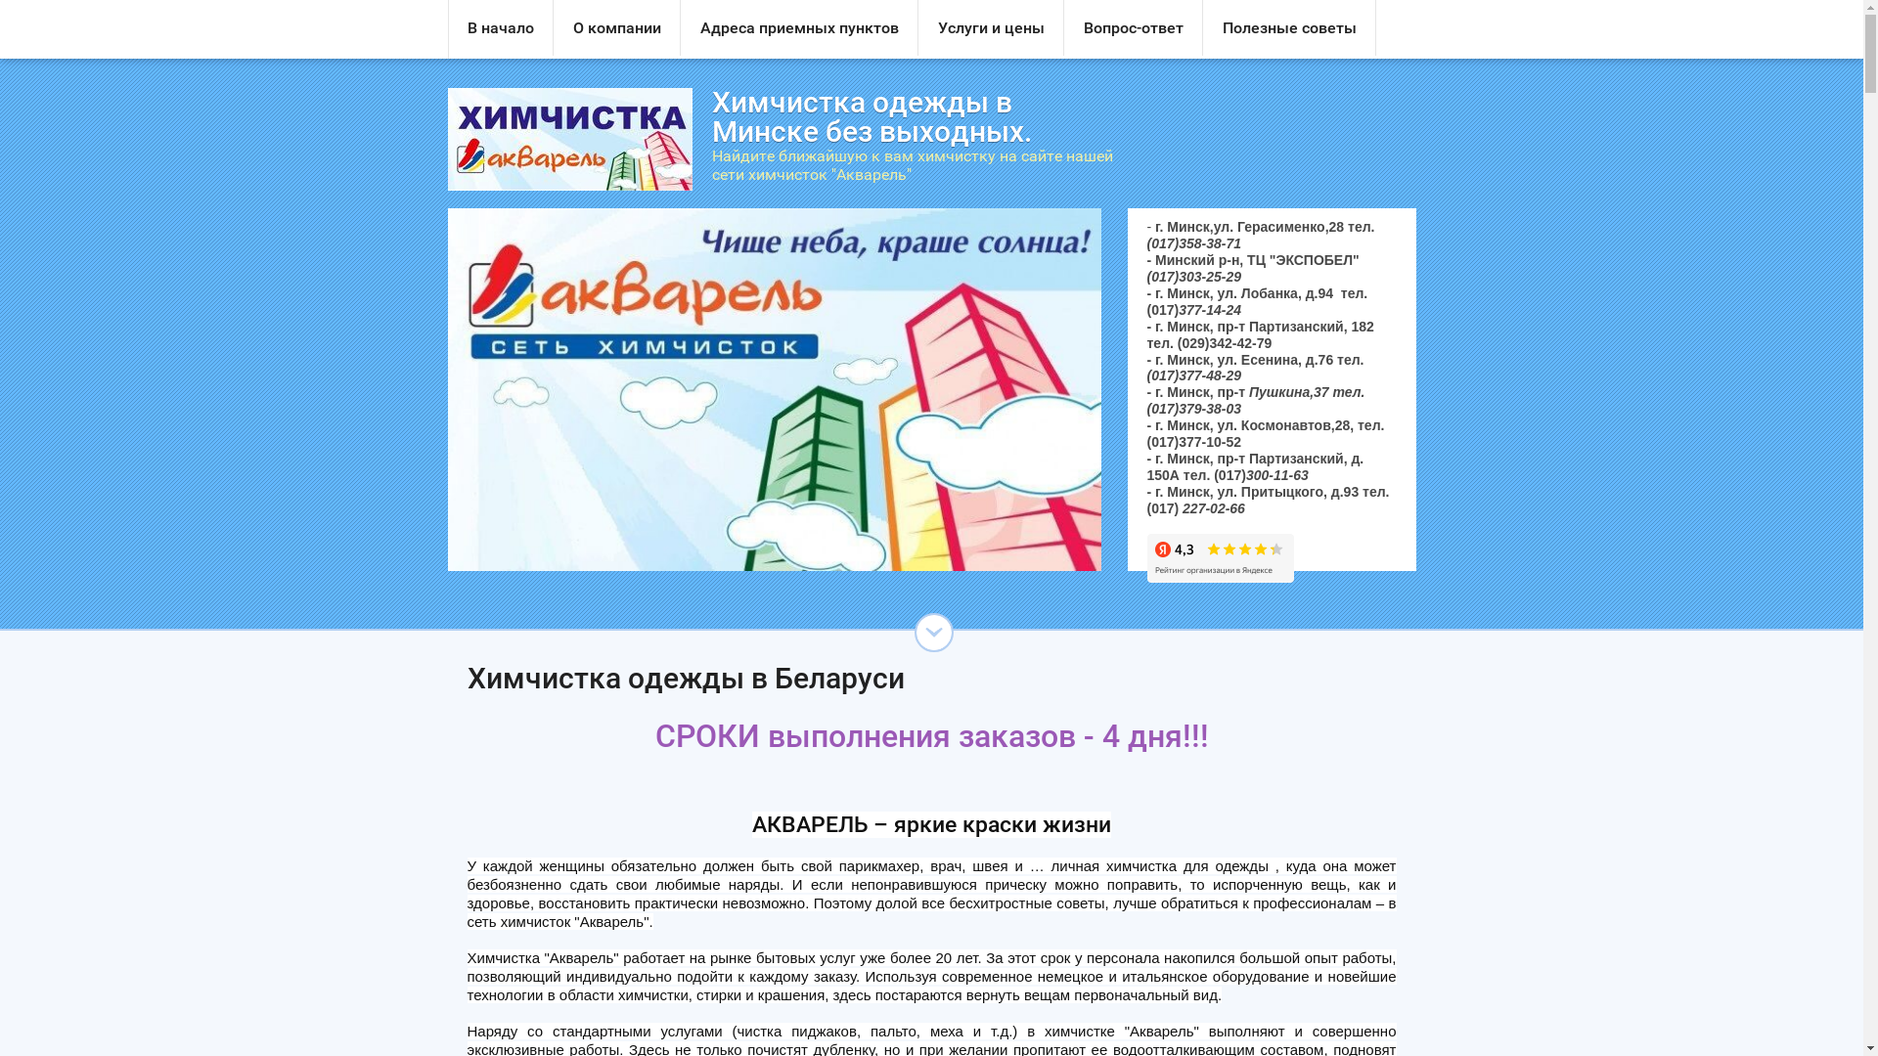  I want to click on '(017)379-38-03', so click(1192, 407).